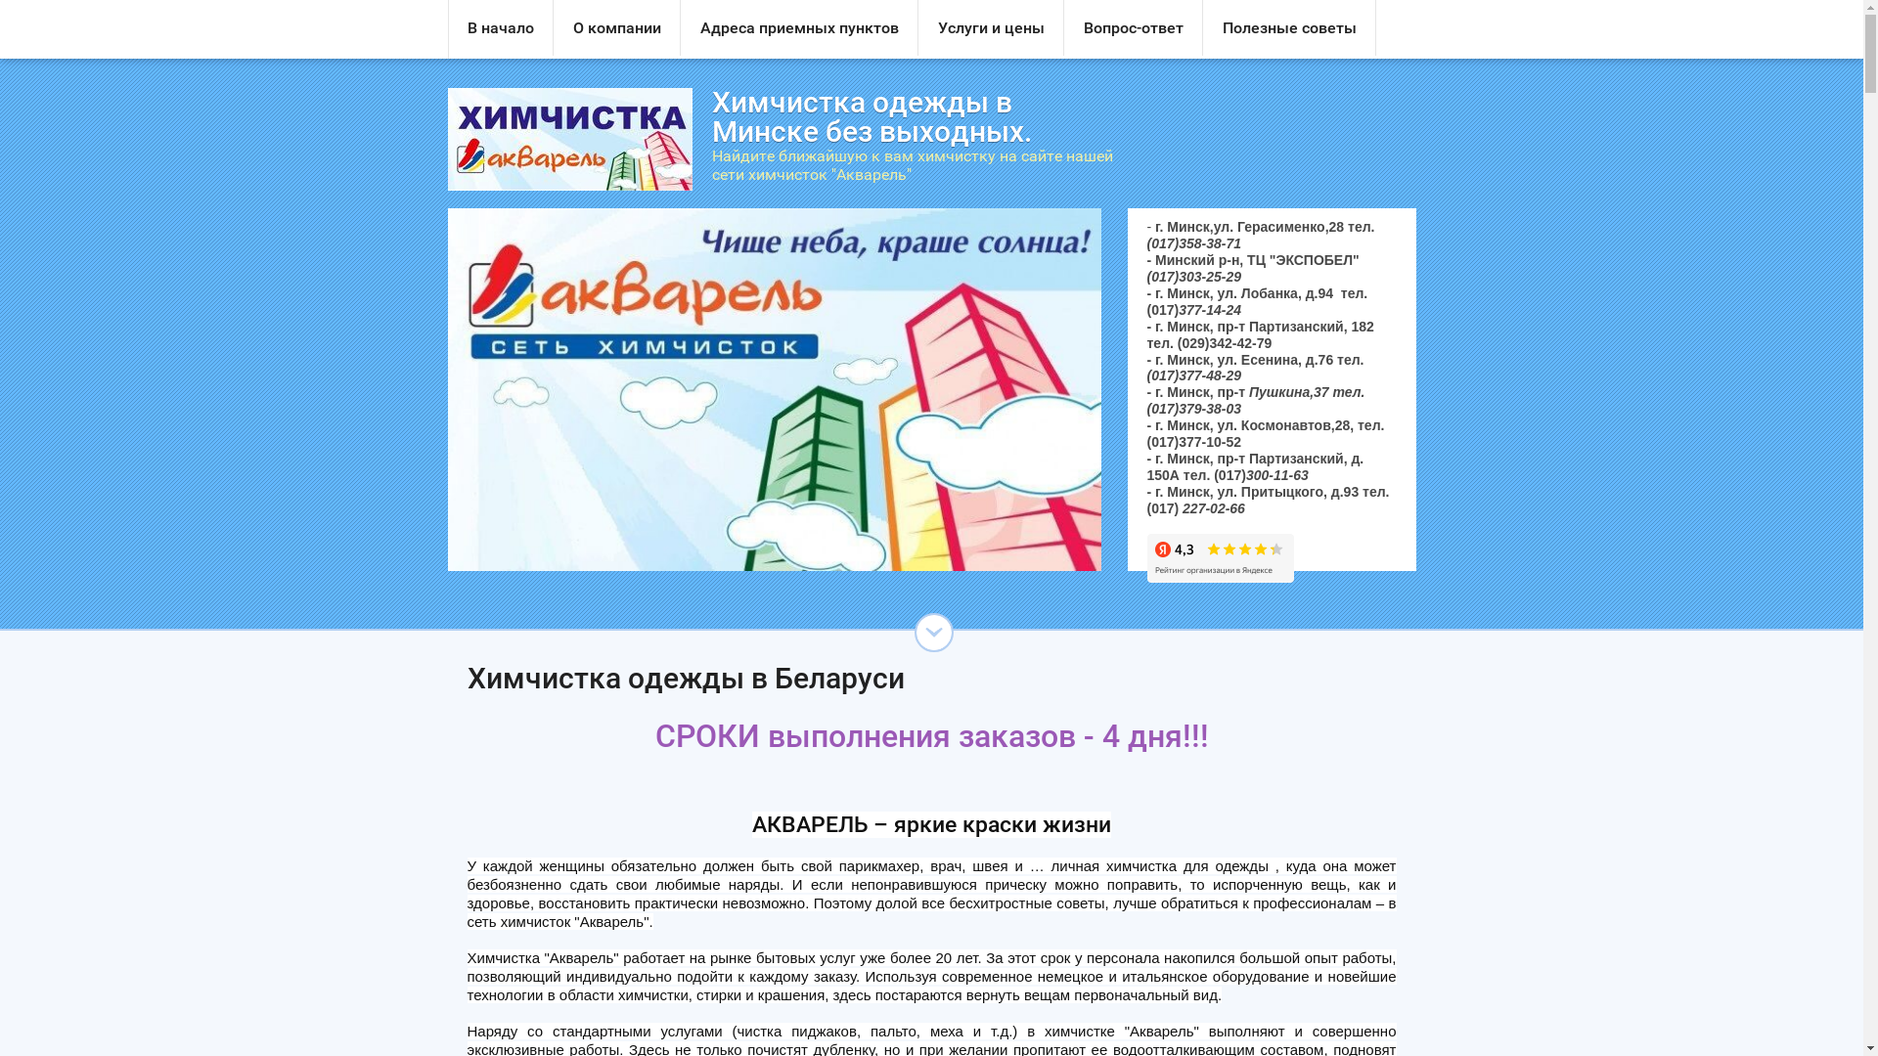  I want to click on '(017)379-38-03', so click(1192, 407).